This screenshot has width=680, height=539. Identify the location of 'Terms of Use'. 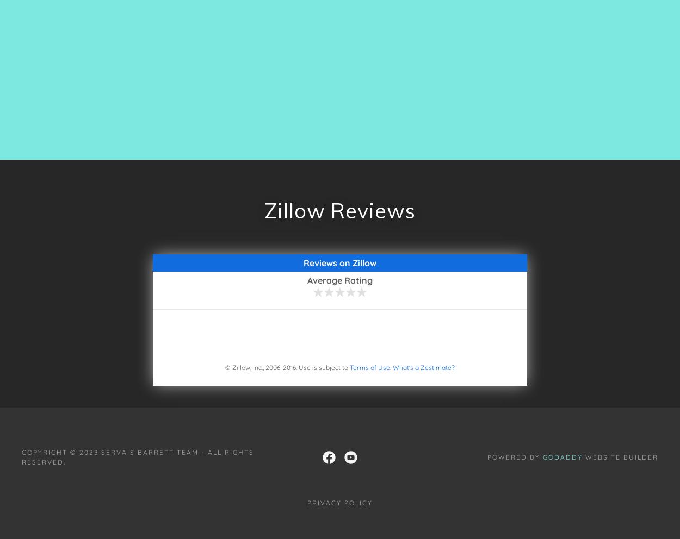
(369, 366).